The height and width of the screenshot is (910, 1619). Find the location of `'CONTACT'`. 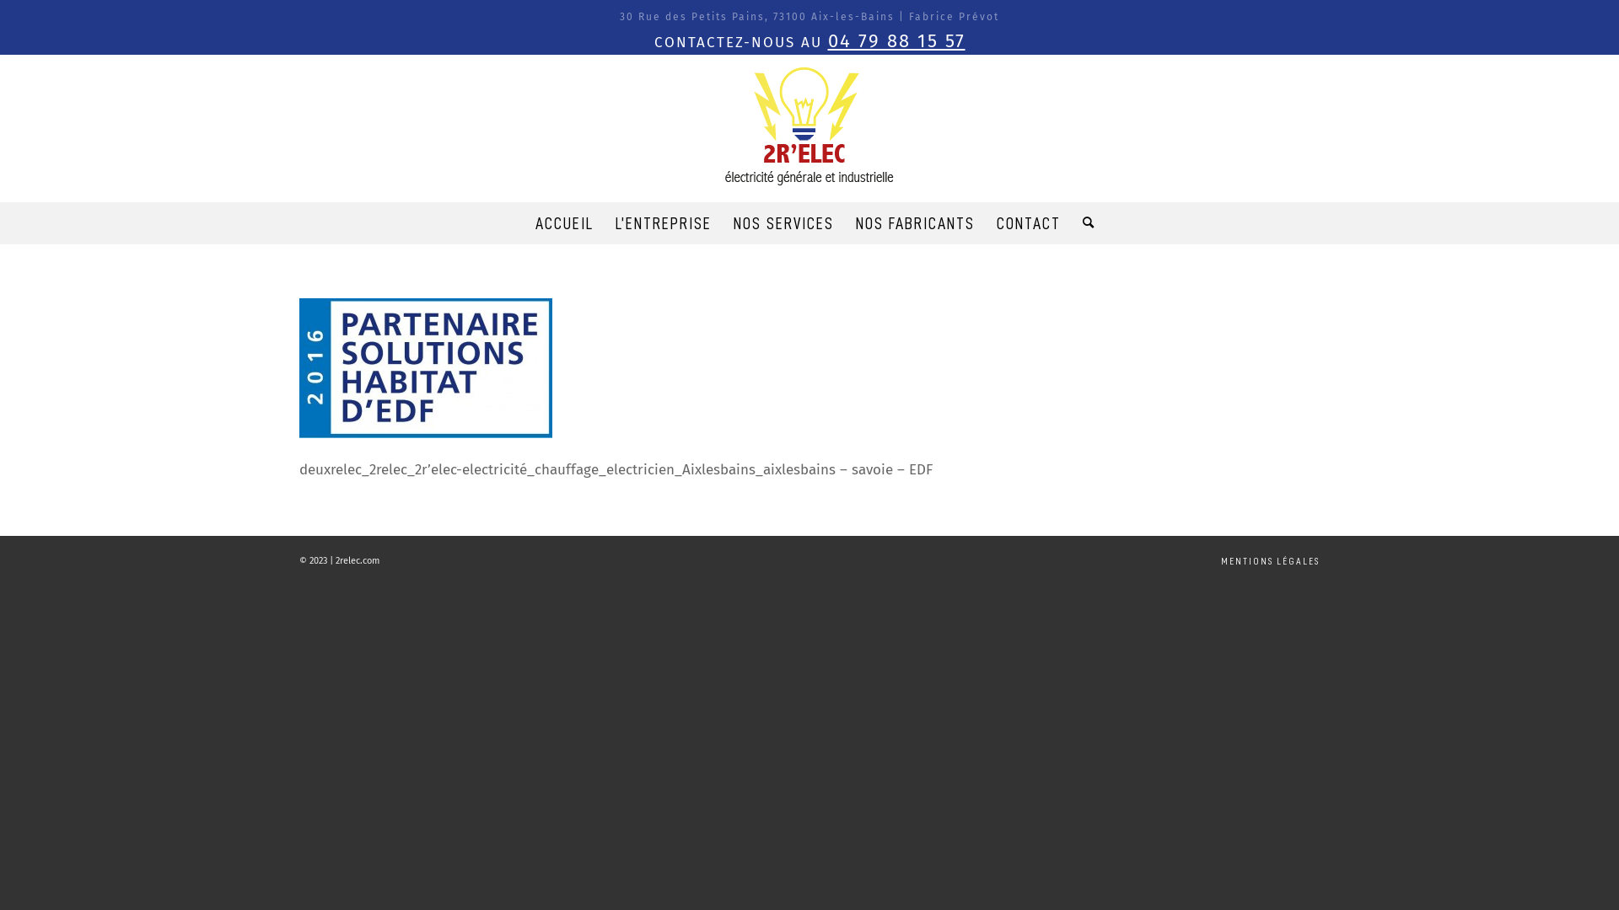

'CONTACT' is located at coordinates (1027, 222).